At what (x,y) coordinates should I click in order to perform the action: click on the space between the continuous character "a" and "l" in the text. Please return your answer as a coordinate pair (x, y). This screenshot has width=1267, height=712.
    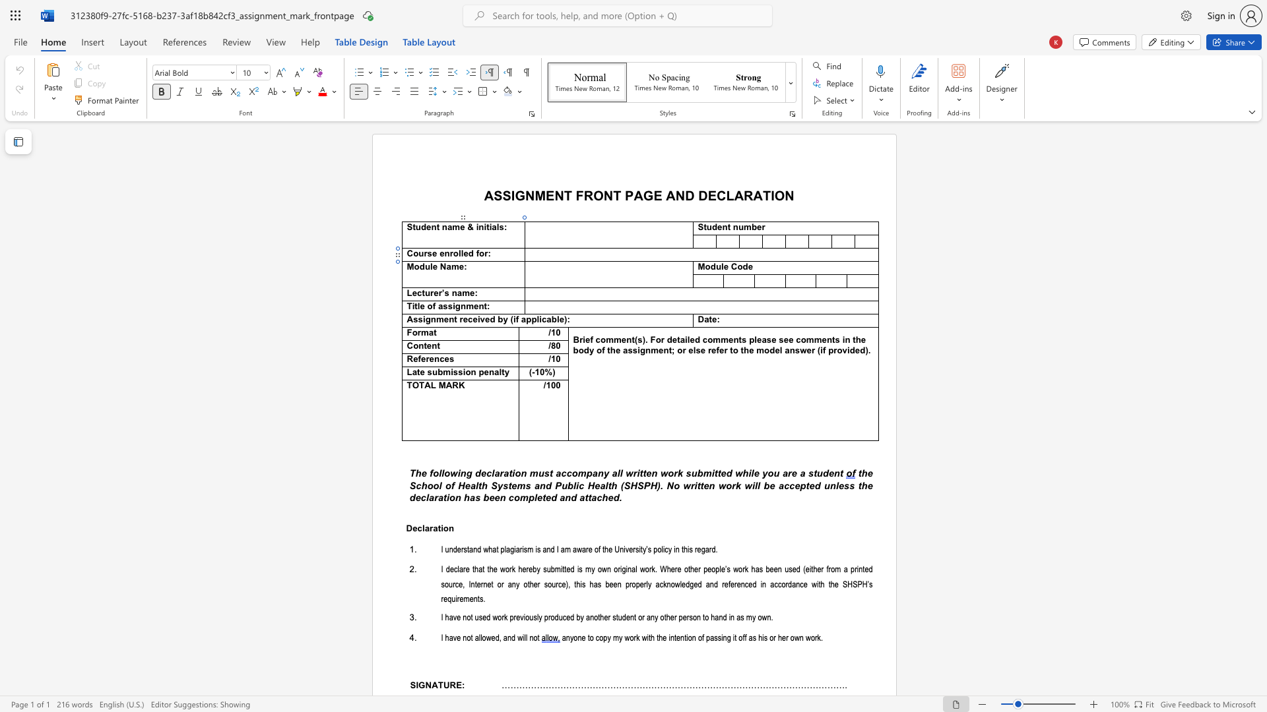
    Looking at the image, I should click on (498, 372).